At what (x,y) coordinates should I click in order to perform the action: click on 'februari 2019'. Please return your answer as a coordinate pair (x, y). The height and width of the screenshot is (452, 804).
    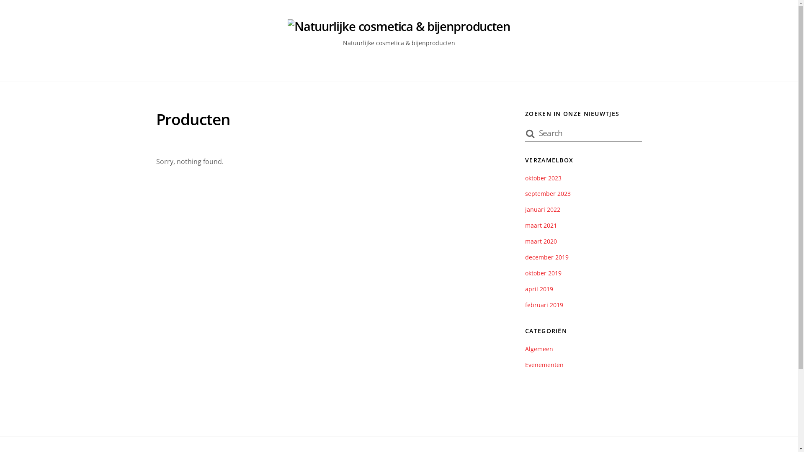
    Looking at the image, I should click on (544, 305).